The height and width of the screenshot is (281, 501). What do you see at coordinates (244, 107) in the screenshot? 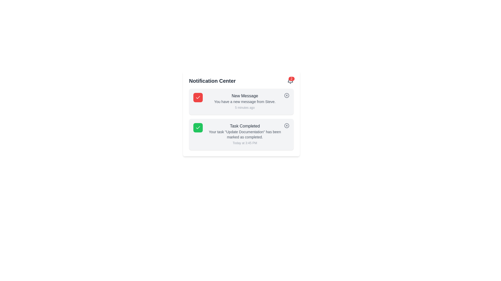
I see `the text label displaying '5 minutes ago', styled in small, light gray font, located below the message from Steve in the notification card` at bounding box center [244, 107].